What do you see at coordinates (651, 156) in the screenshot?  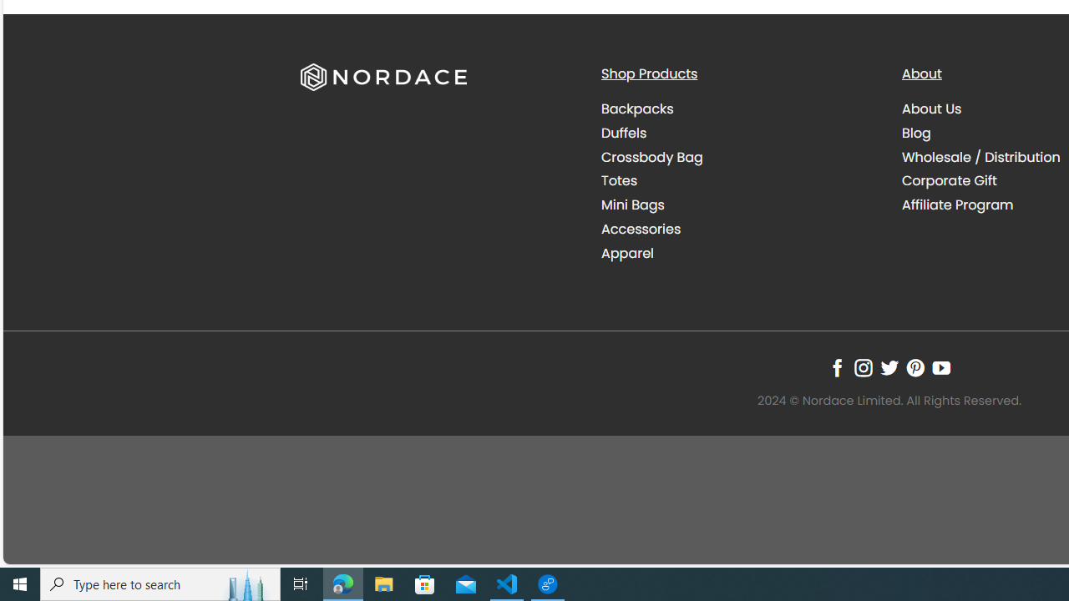 I see `'Crossbody Bag'` at bounding box center [651, 156].